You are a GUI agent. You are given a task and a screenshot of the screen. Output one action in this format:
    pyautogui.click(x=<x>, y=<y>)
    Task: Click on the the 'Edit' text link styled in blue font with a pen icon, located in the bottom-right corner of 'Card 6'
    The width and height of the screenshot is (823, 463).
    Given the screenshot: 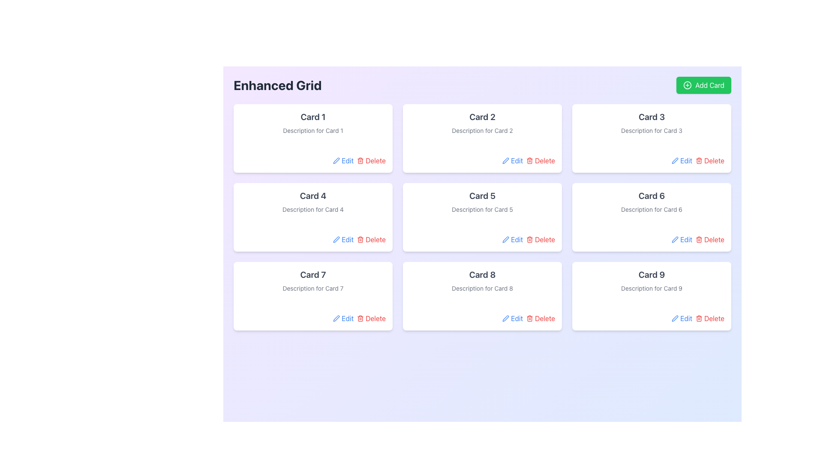 What is the action you would take?
    pyautogui.click(x=681, y=240)
    